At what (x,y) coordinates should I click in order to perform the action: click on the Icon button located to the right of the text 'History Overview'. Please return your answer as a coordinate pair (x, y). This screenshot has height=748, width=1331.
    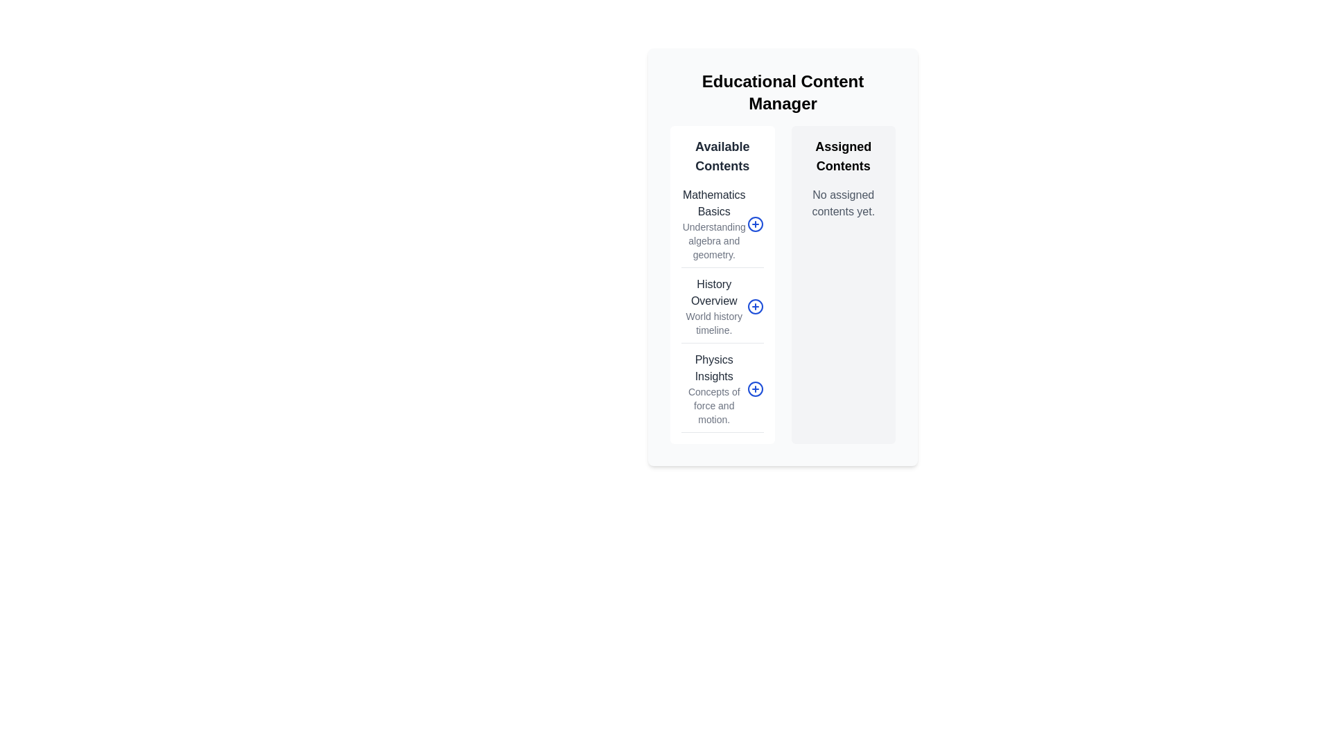
    Looking at the image, I should click on (754, 306).